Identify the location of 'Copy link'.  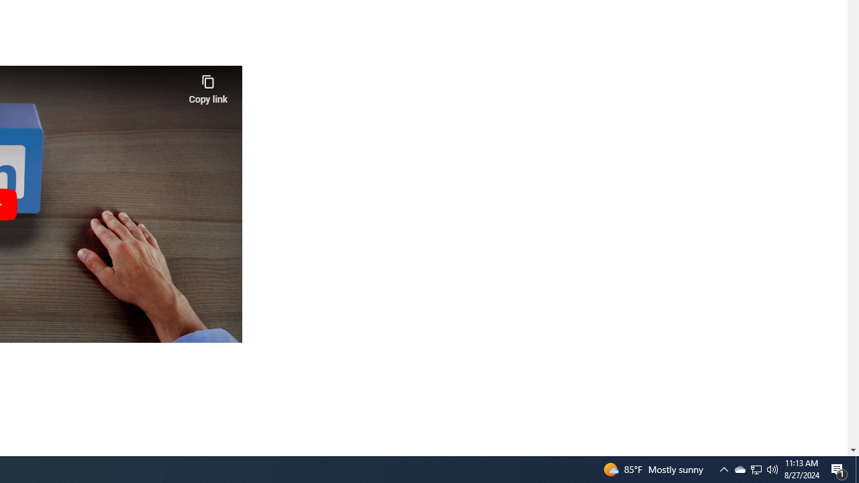
(207, 86).